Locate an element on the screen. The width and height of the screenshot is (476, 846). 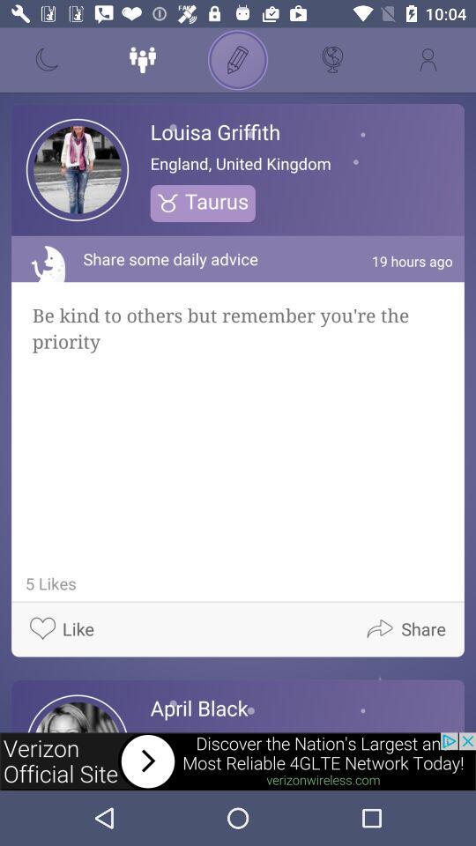
the moon icon at top left corner of the page is located at coordinates (48, 60).